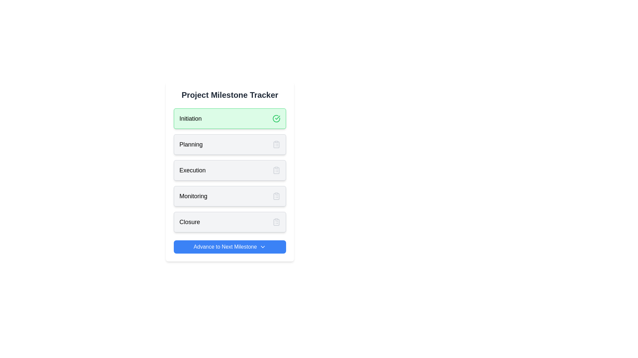  Describe the element at coordinates (276, 196) in the screenshot. I see `the icon located to the far right of the 'Monitoring' section, which is the fourth row in the list of milestones` at that location.